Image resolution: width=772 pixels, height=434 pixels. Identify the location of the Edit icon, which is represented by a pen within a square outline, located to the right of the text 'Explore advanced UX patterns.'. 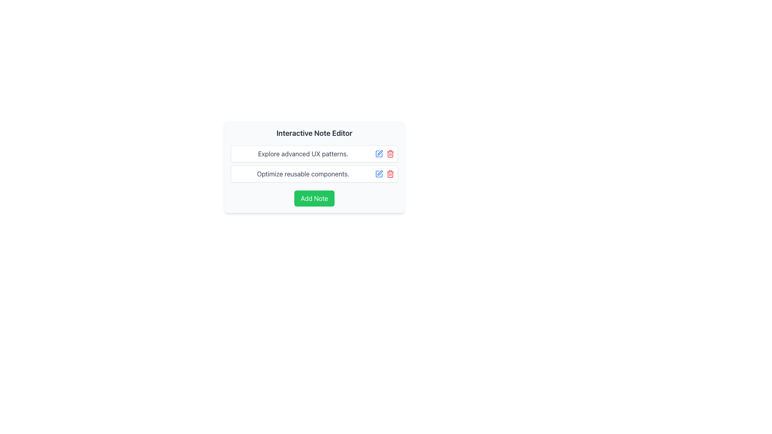
(380, 153).